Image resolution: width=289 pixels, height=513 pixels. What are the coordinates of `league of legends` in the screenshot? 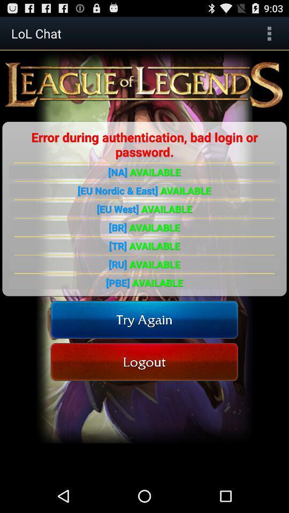 It's located at (144, 84).